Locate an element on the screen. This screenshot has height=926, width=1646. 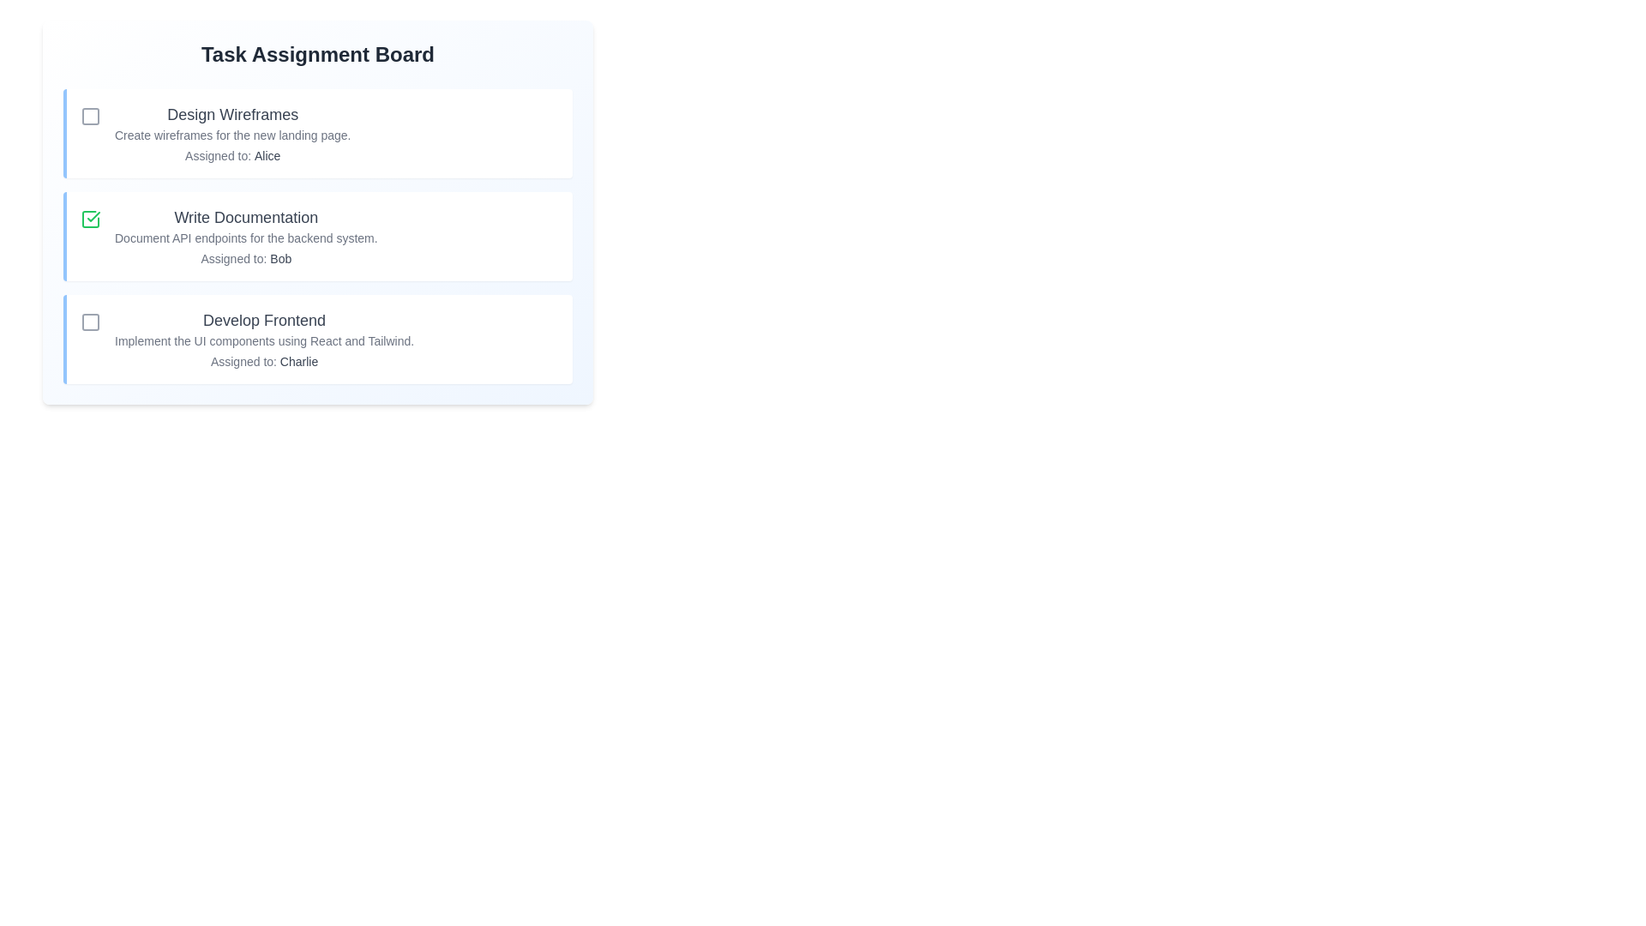
the 'Design Wireframes' text label, which is displayed in a large gray font and serves as the task title in the task management board is located at coordinates (231, 115).